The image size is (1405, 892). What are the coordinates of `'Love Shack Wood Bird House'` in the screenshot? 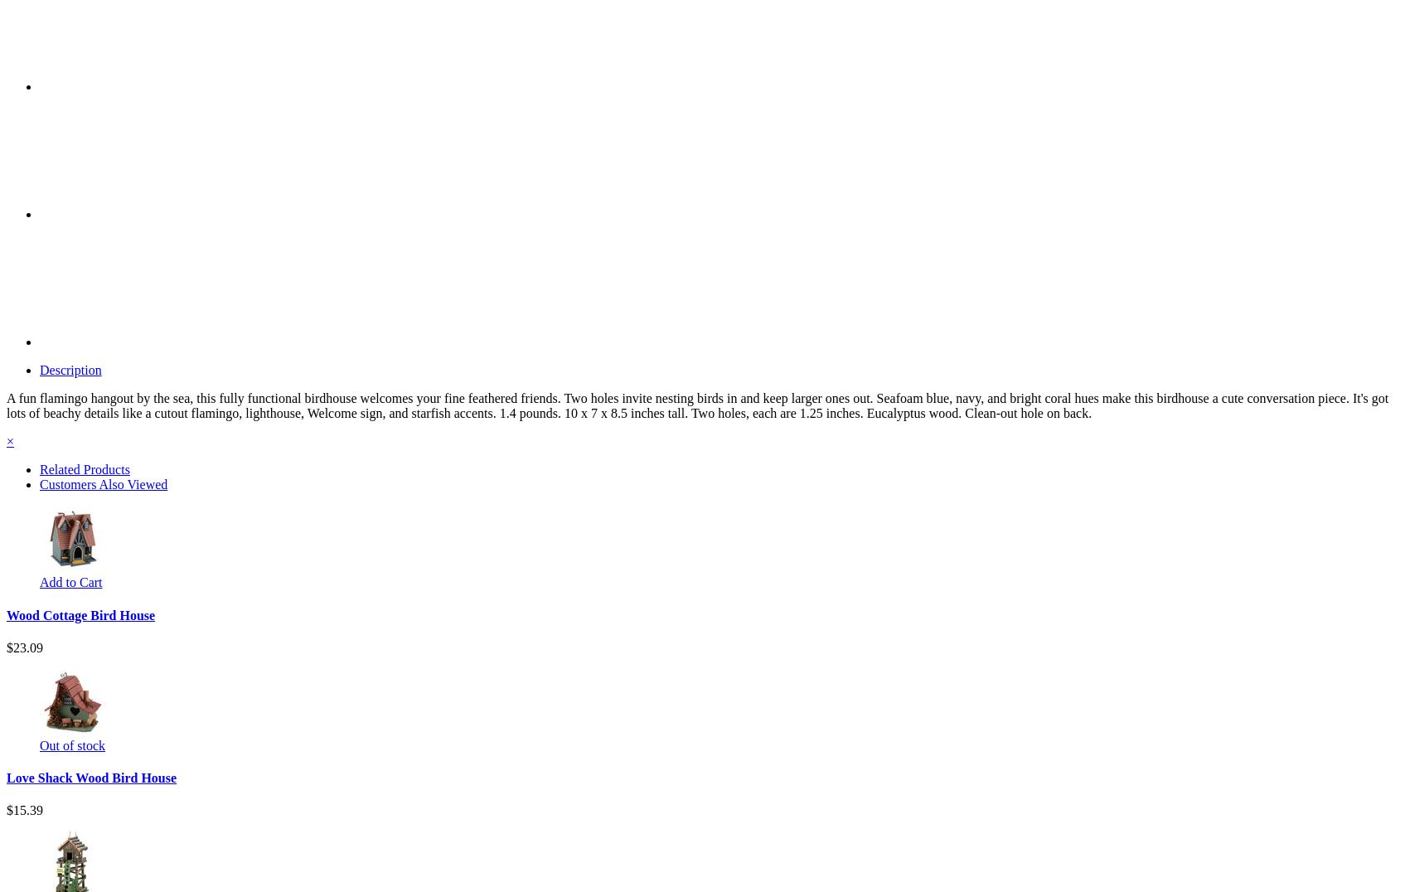 It's located at (90, 777).